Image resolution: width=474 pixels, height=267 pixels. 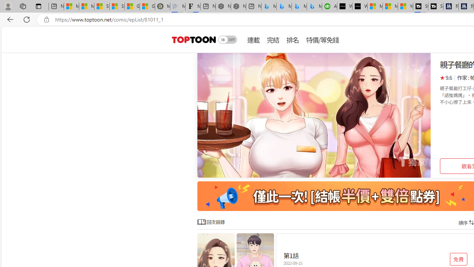 I want to click on 'Microsoft Bing Travel - Stays in Bangkok, Bangkok, Thailand', so click(x=284, y=6).